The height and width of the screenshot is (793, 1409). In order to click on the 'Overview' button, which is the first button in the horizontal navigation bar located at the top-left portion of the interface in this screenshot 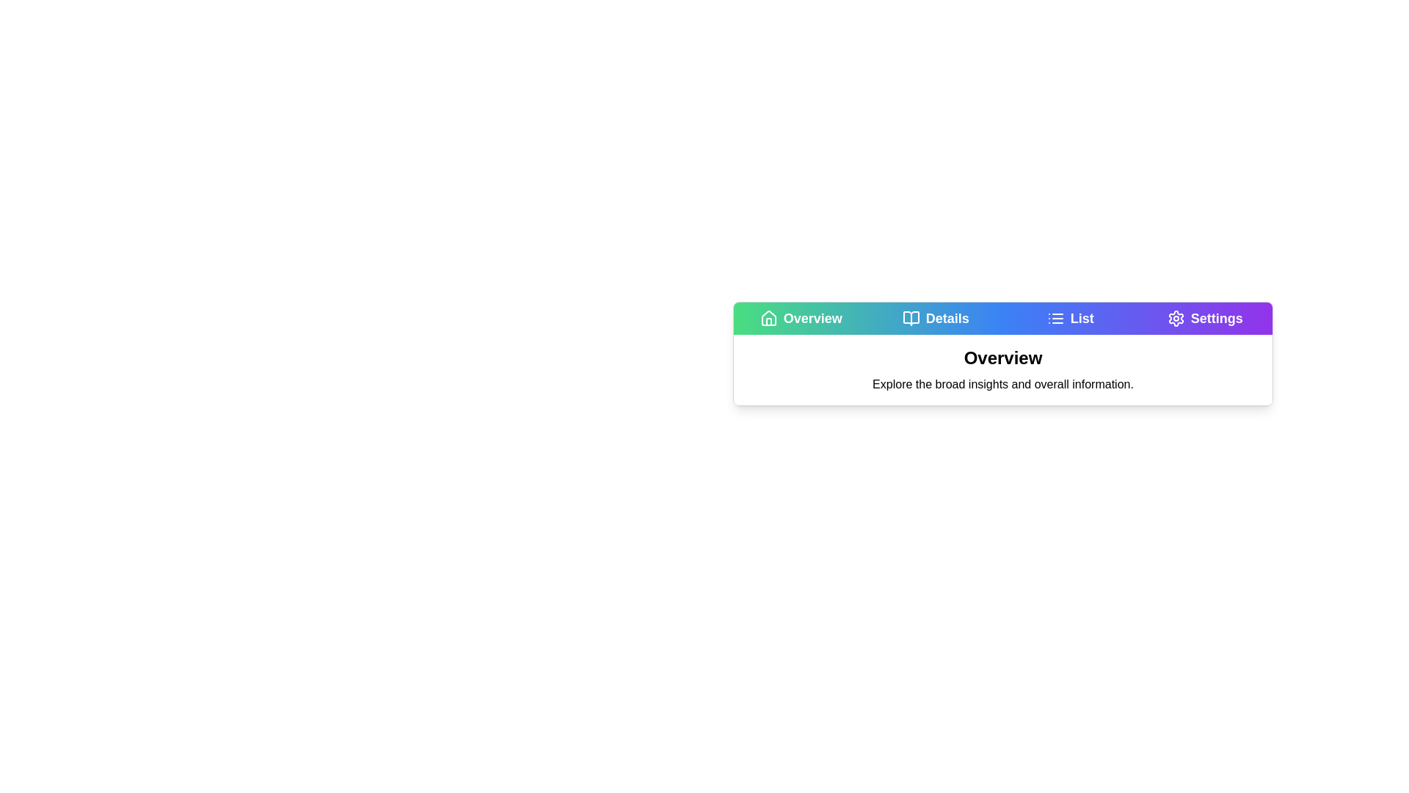, I will do `click(800, 318)`.